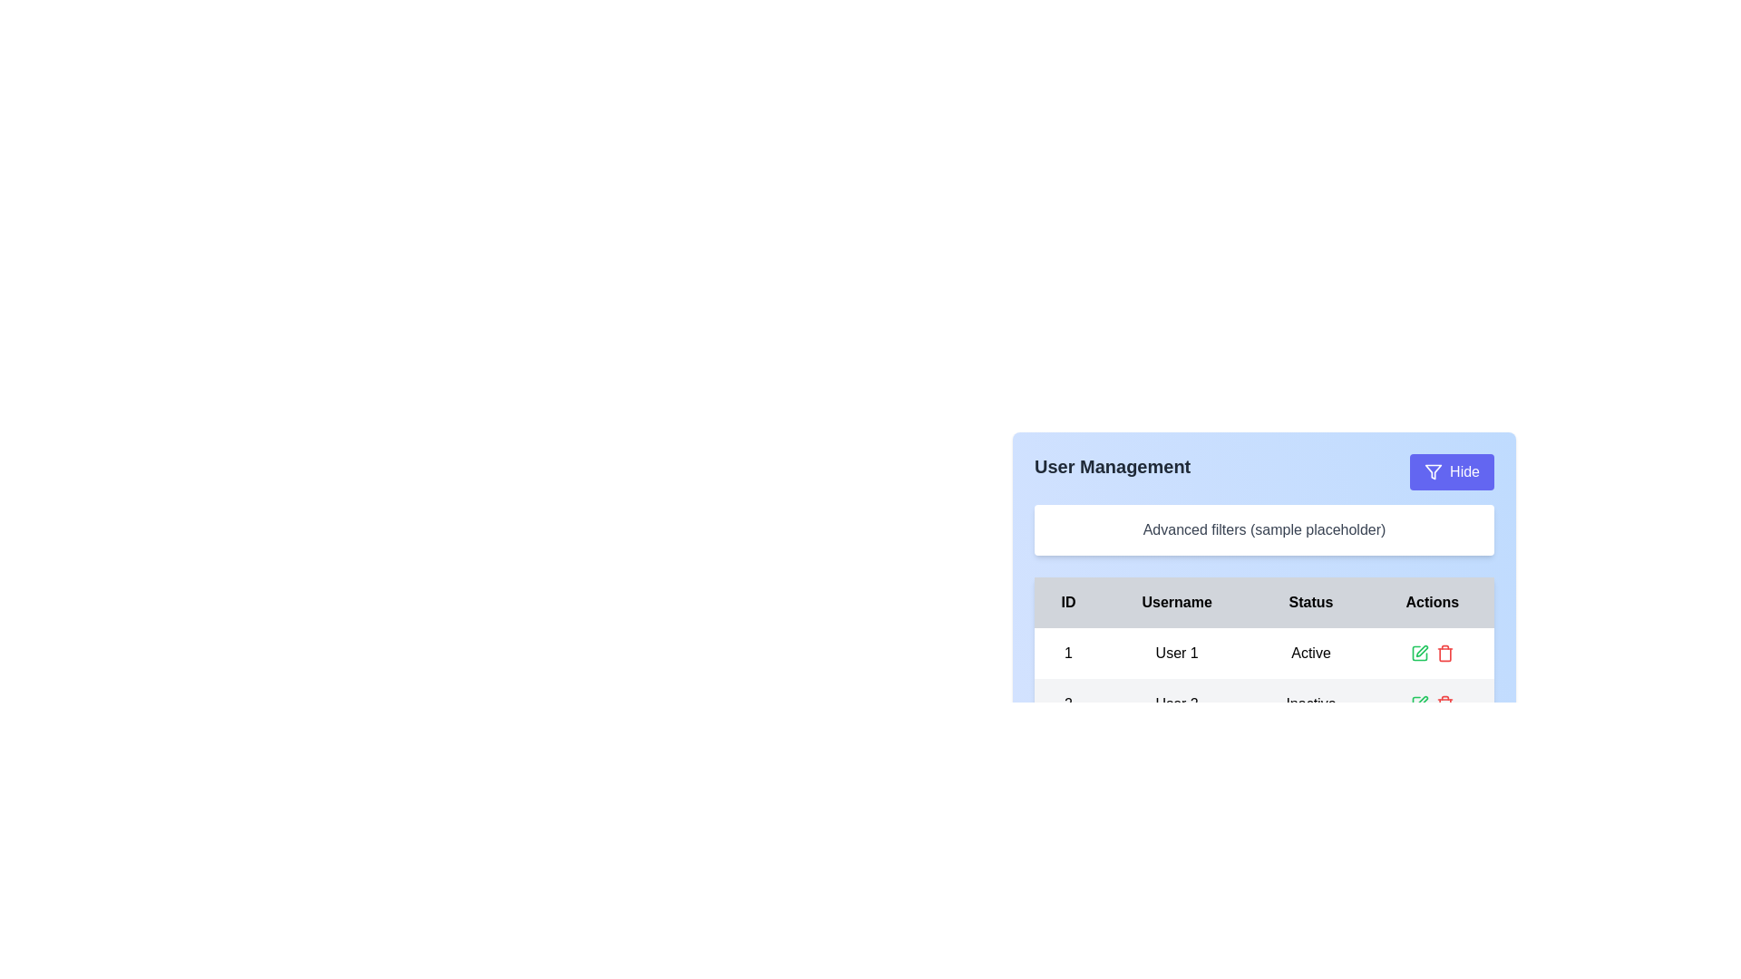 Image resolution: width=1741 pixels, height=979 pixels. What do you see at coordinates (1444, 654) in the screenshot?
I see `the trash can icon representing the delete functionality, which is located in the Actions column of the second row of the table` at bounding box center [1444, 654].